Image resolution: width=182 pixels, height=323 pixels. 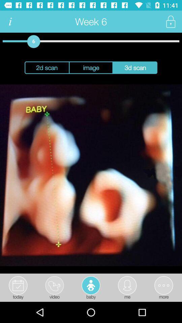 What do you see at coordinates (10, 22) in the screenshot?
I see `information icon` at bounding box center [10, 22].